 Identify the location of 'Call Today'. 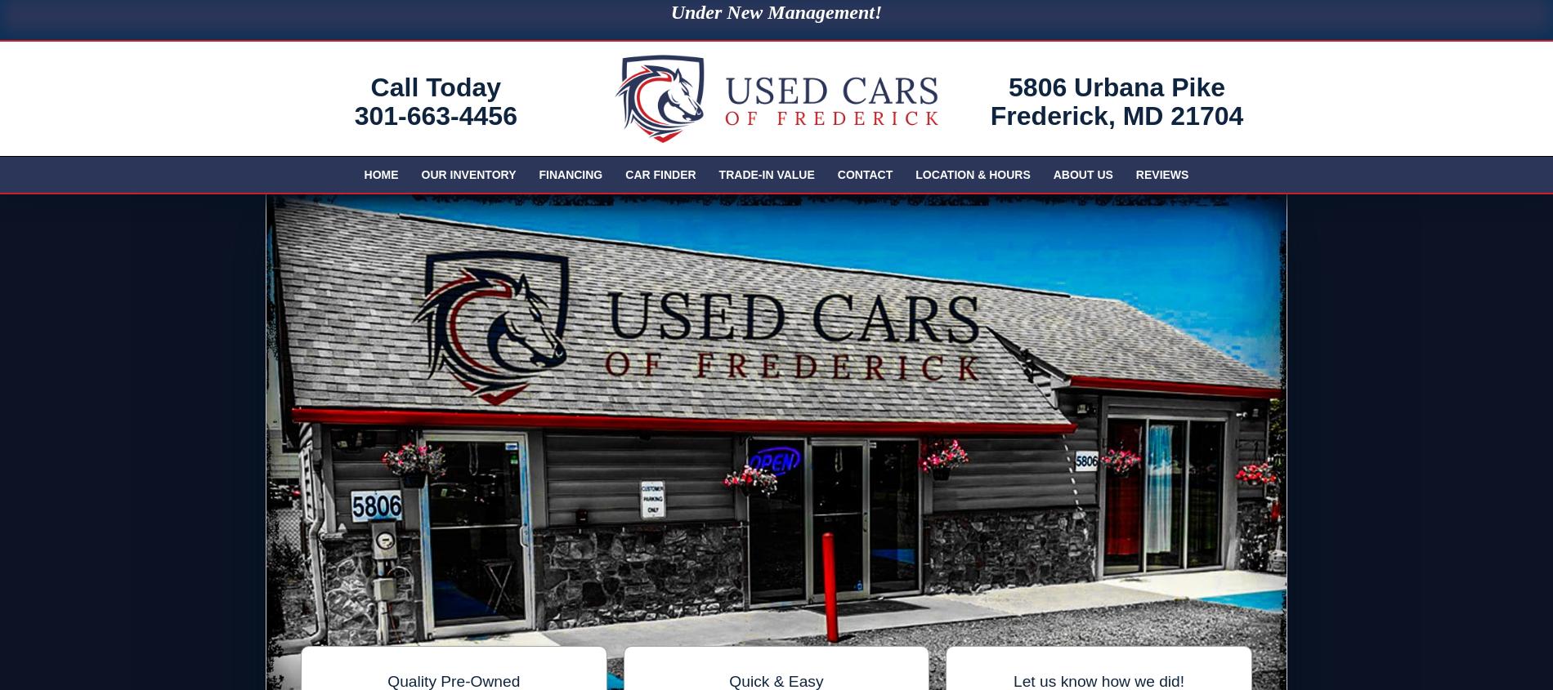
(369, 86).